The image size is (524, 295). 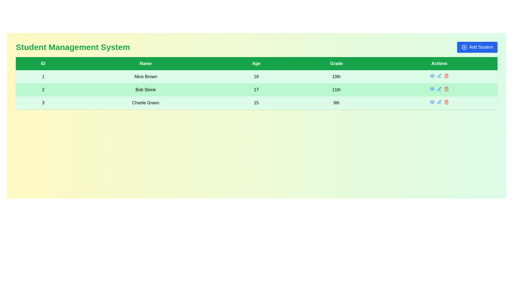 What do you see at coordinates (256, 77) in the screenshot?
I see `the first table row containing the data cells '1' (ID), 'Alice Brown' (Name), '16' (Age), and '10th' (Grade), which is visually separated by alternating green hues` at bounding box center [256, 77].